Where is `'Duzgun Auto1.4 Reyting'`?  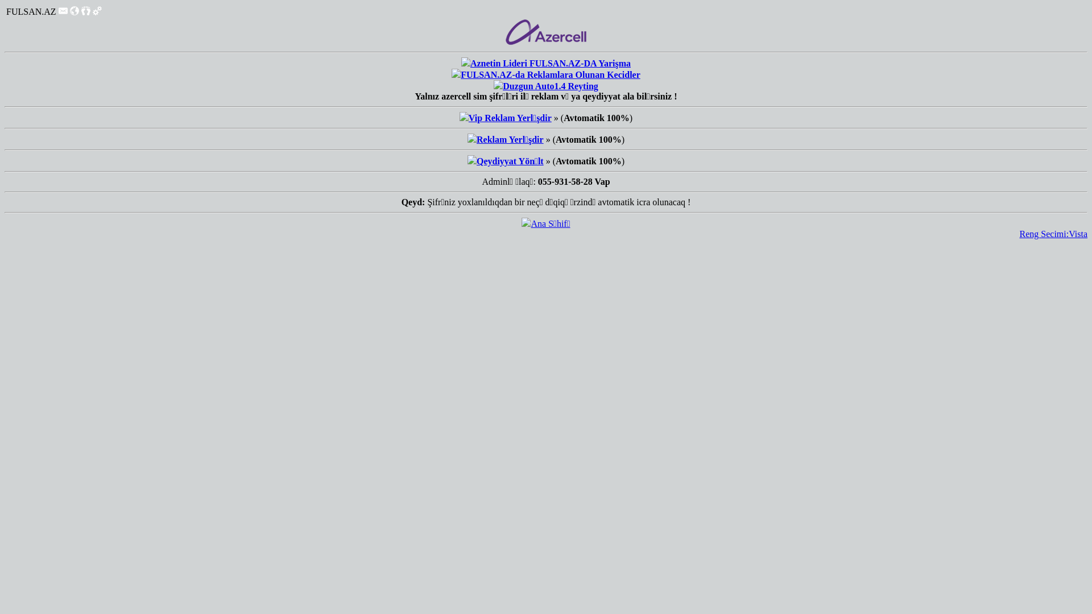 'Duzgun Auto1.4 Reyting' is located at coordinates (551, 85).